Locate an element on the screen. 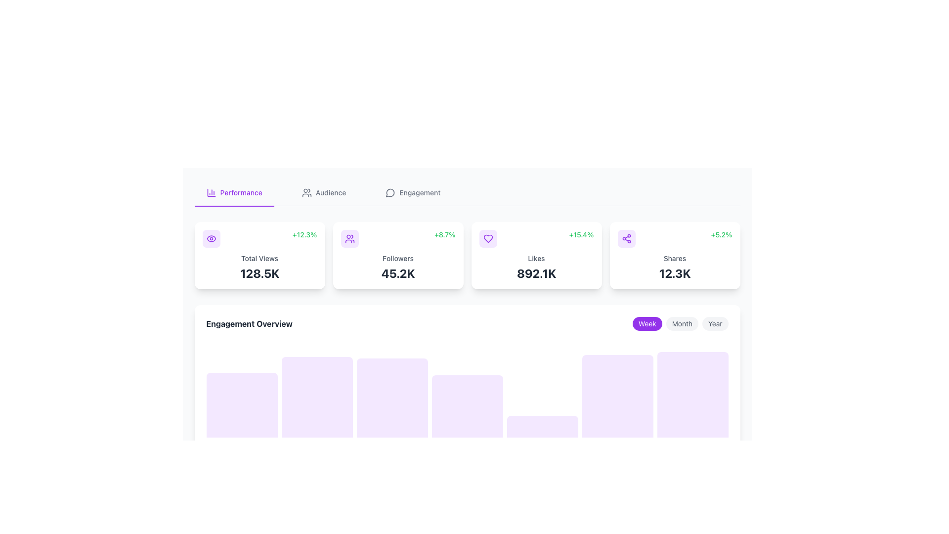 The width and height of the screenshot is (949, 534). the statistical display showing total views, which is located in the white rounded rectangle section below the 'Total Views' text on the left side of the dashboard is located at coordinates (259, 273).